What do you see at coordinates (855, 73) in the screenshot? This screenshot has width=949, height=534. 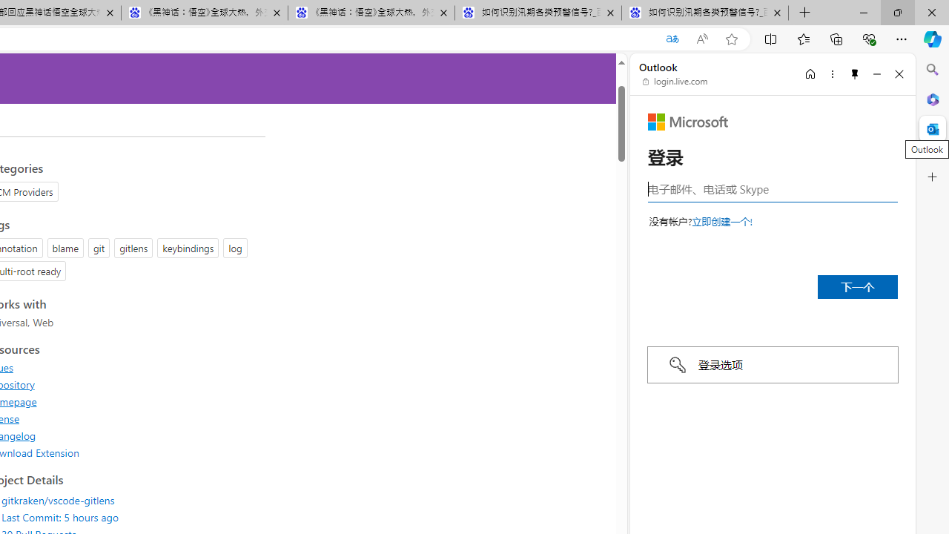 I see `'Unpin side pane'` at bounding box center [855, 73].